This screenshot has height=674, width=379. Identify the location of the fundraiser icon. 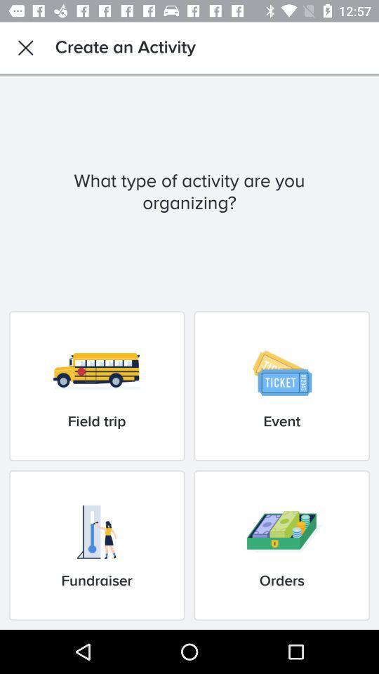
(96, 545).